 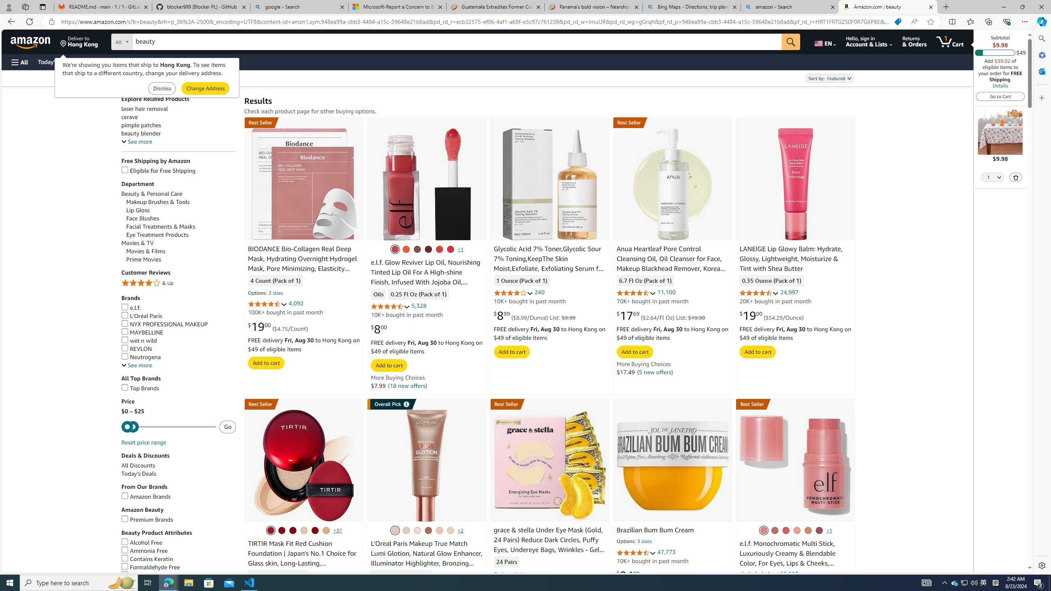 What do you see at coordinates (164, 324) in the screenshot?
I see `'NYX PROFESSIONAL MAKEUP'` at bounding box center [164, 324].